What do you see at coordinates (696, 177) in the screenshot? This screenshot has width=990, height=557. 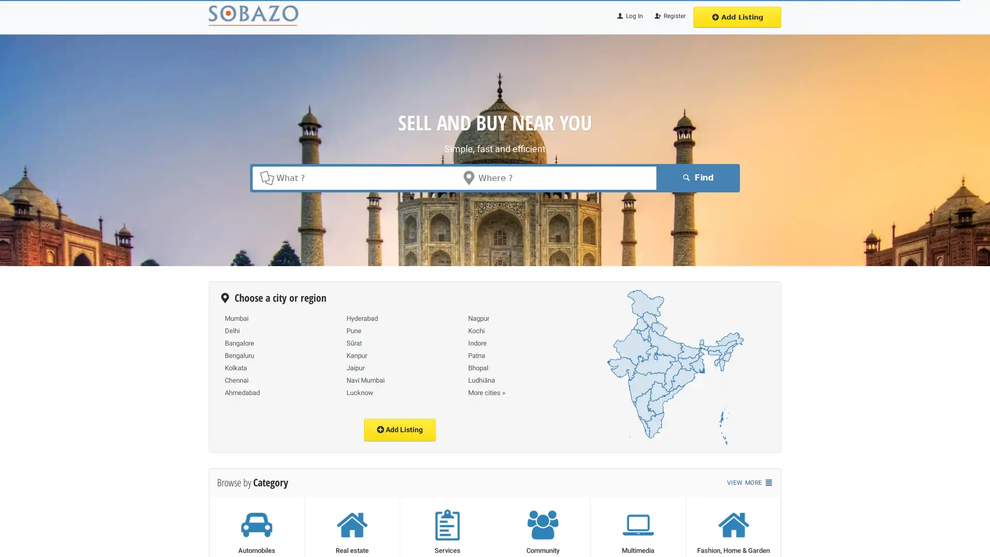 I see `Find` at bounding box center [696, 177].